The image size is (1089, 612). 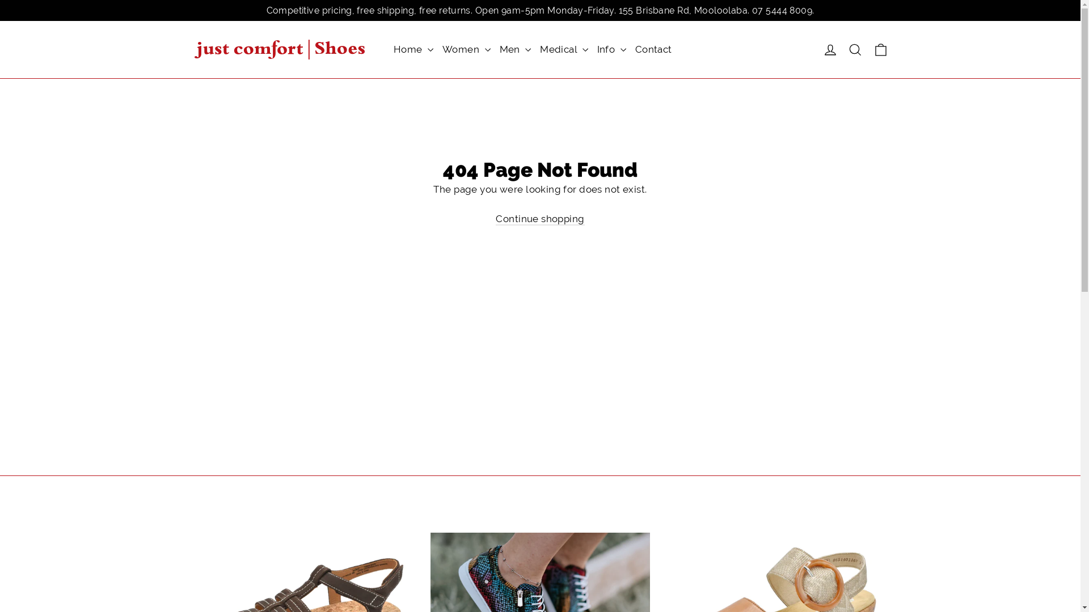 What do you see at coordinates (563, 49) in the screenshot?
I see `'Medical'` at bounding box center [563, 49].